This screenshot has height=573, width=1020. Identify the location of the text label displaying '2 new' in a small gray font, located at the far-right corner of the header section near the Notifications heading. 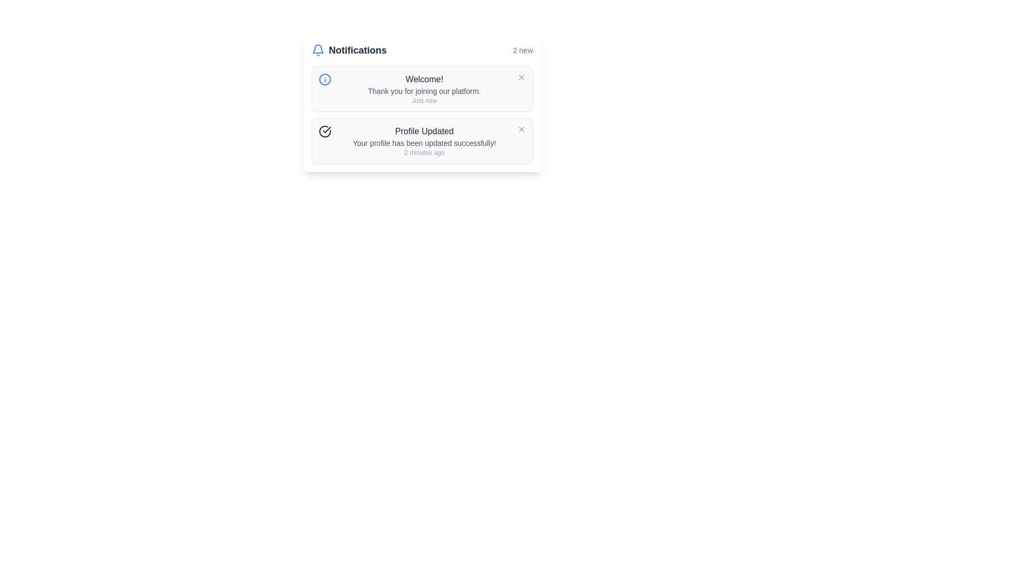
(523, 50).